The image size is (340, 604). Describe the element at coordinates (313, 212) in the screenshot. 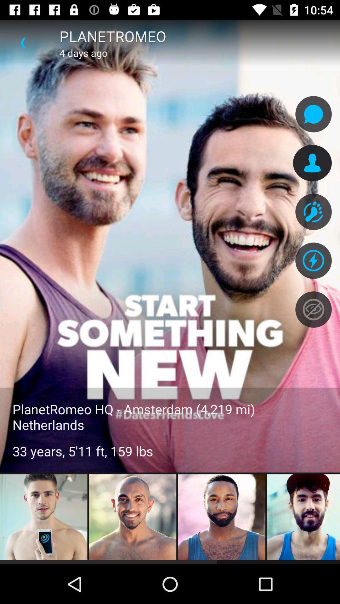

I see `the avatar icon` at that location.